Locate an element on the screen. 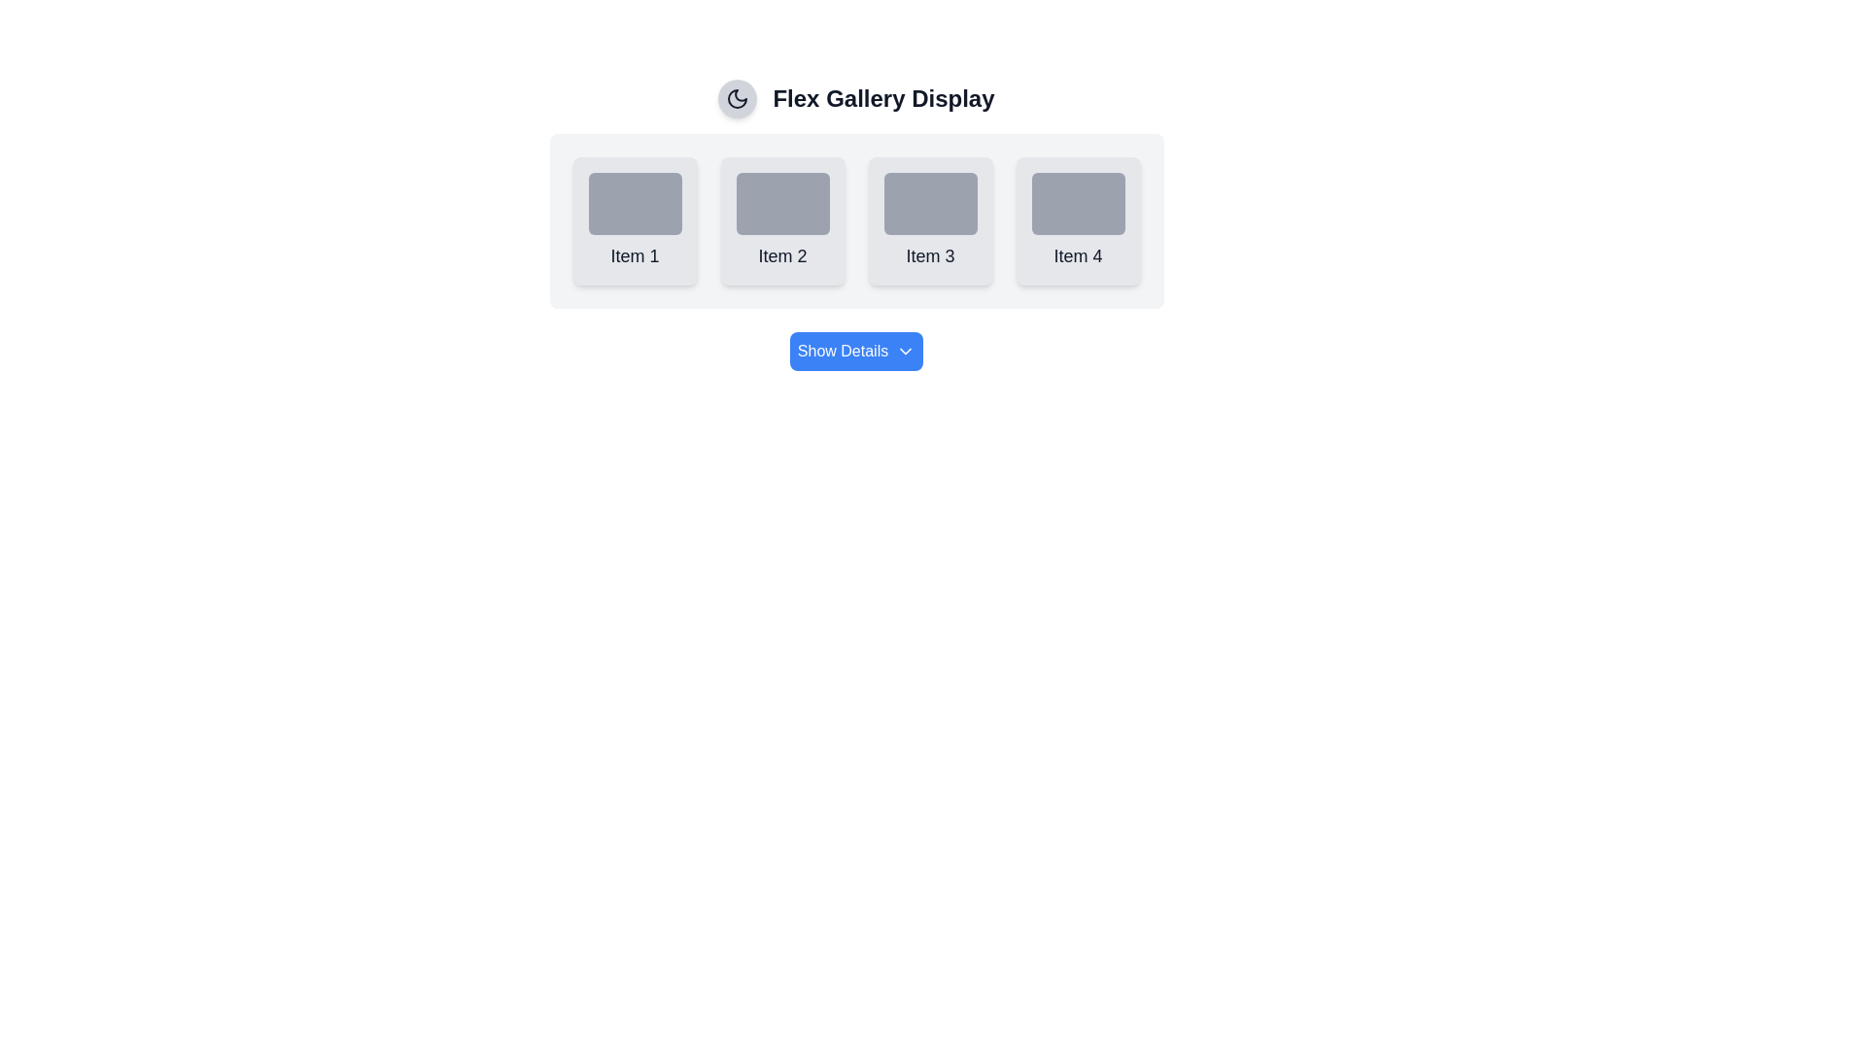 Image resolution: width=1866 pixels, height=1049 pixels. the 'Item 1' card, which is the first card in the second row of the Flex Gallery Display is located at coordinates (635, 220).